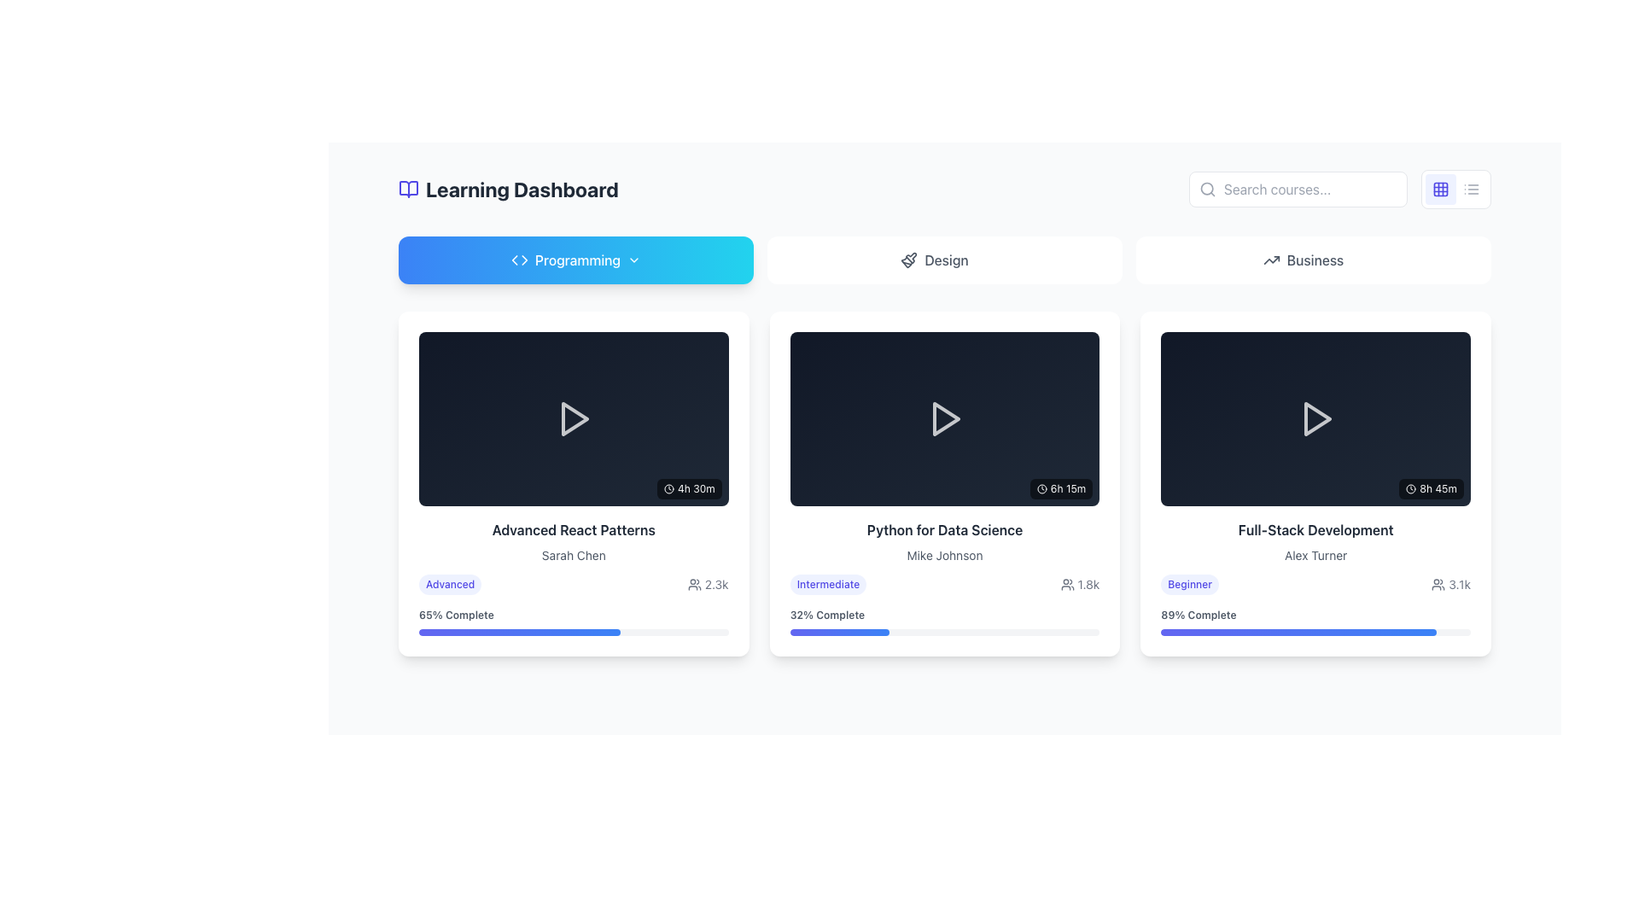 Image resolution: width=1639 pixels, height=922 pixels. I want to click on the informative label with icon indicating the duration of the 'Full-Stack Development' course, located in the bottom-right corner of the course card, so click(1432, 488).